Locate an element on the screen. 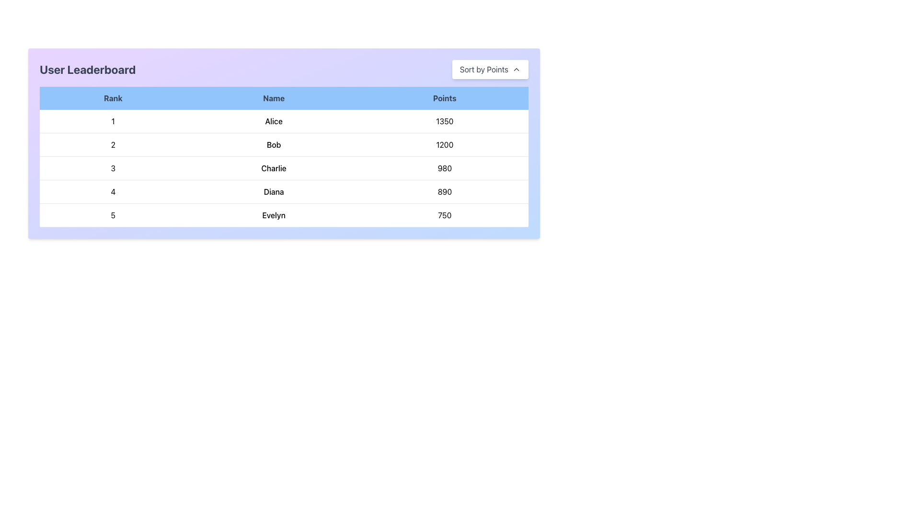 The height and width of the screenshot is (518, 920). text content of the table cell displaying the points for 'Charlie' in the leaderboard, located in the third row and third column of the table is located at coordinates (444, 168).